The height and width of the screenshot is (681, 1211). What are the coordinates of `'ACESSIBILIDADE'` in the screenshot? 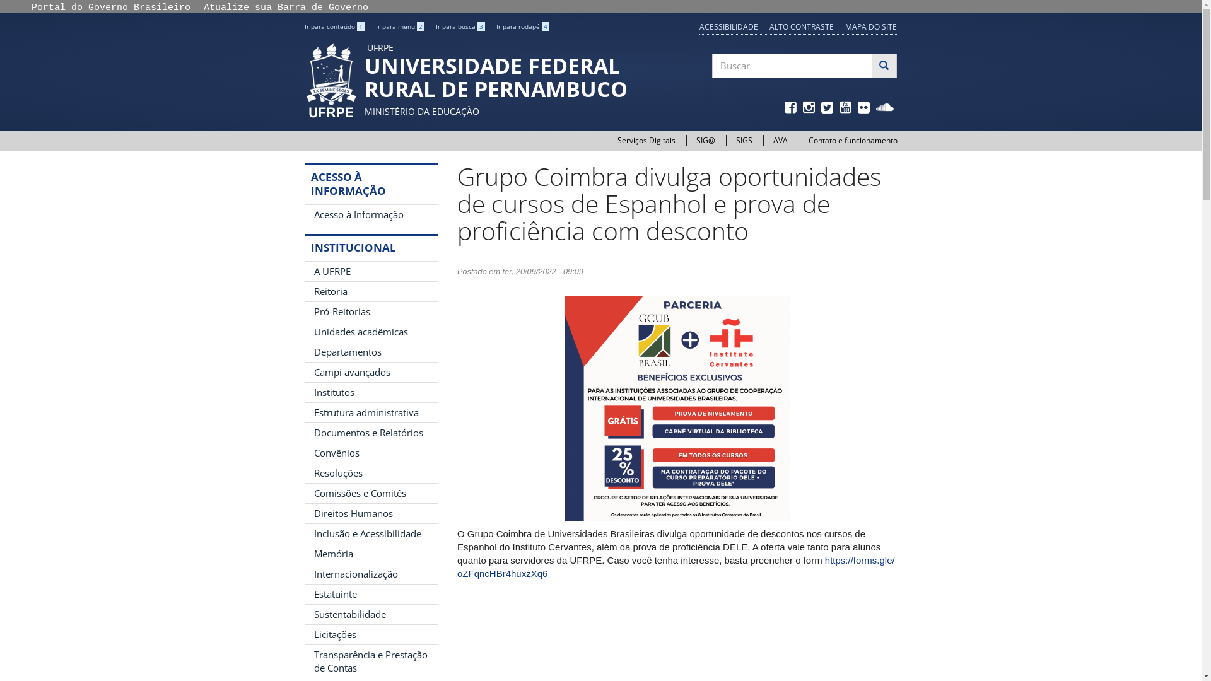 It's located at (728, 26).